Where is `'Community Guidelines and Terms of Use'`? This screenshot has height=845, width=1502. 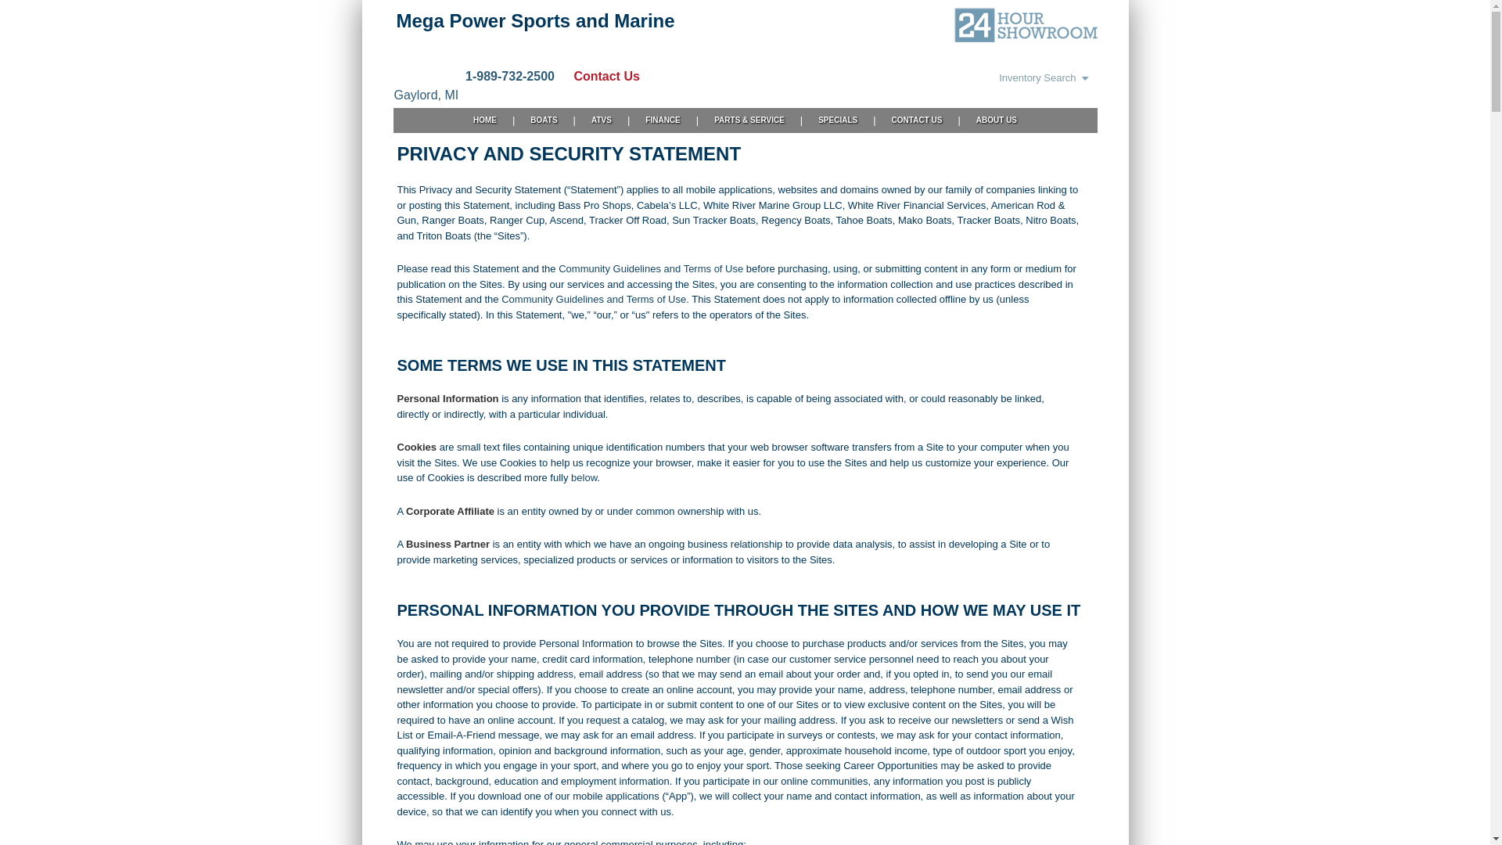 'Community Guidelines and Terms of Use' is located at coordinates (592, 299).